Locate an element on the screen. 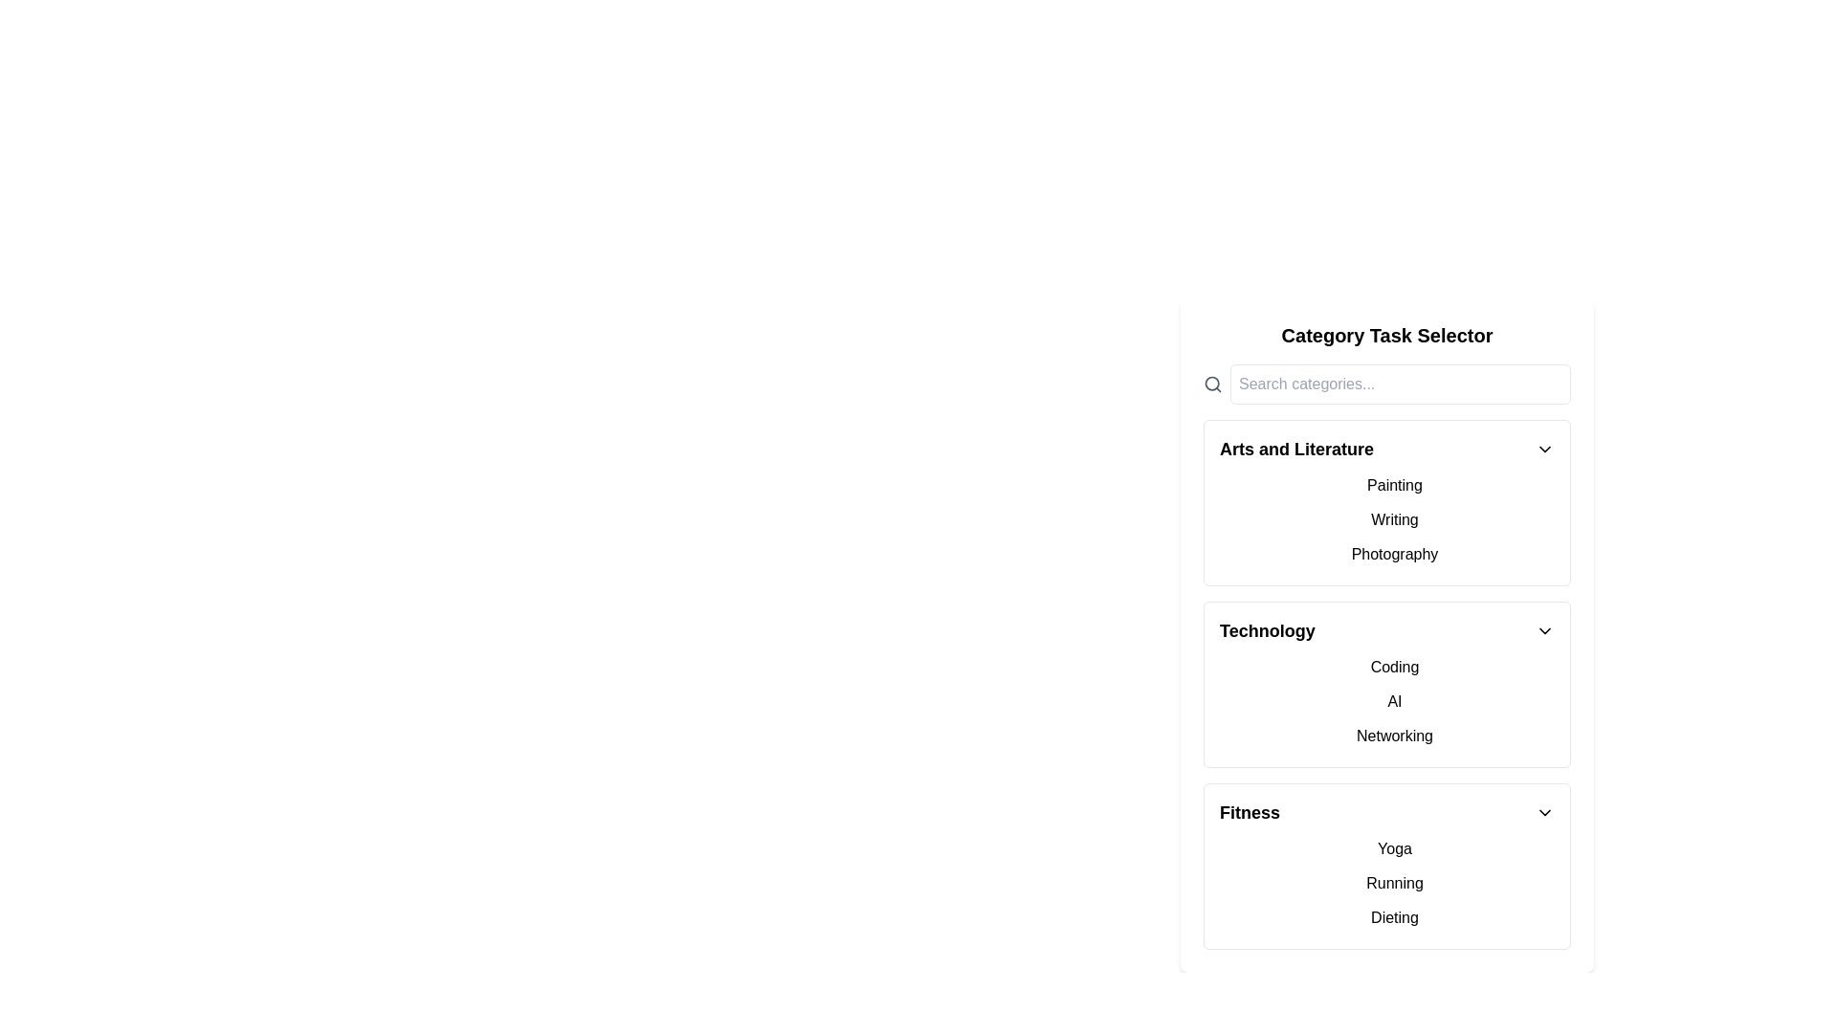 The image size is (1837, 1033). the 'Arts and Literature' collapsible menu section is located at coordinates (1386, 501).